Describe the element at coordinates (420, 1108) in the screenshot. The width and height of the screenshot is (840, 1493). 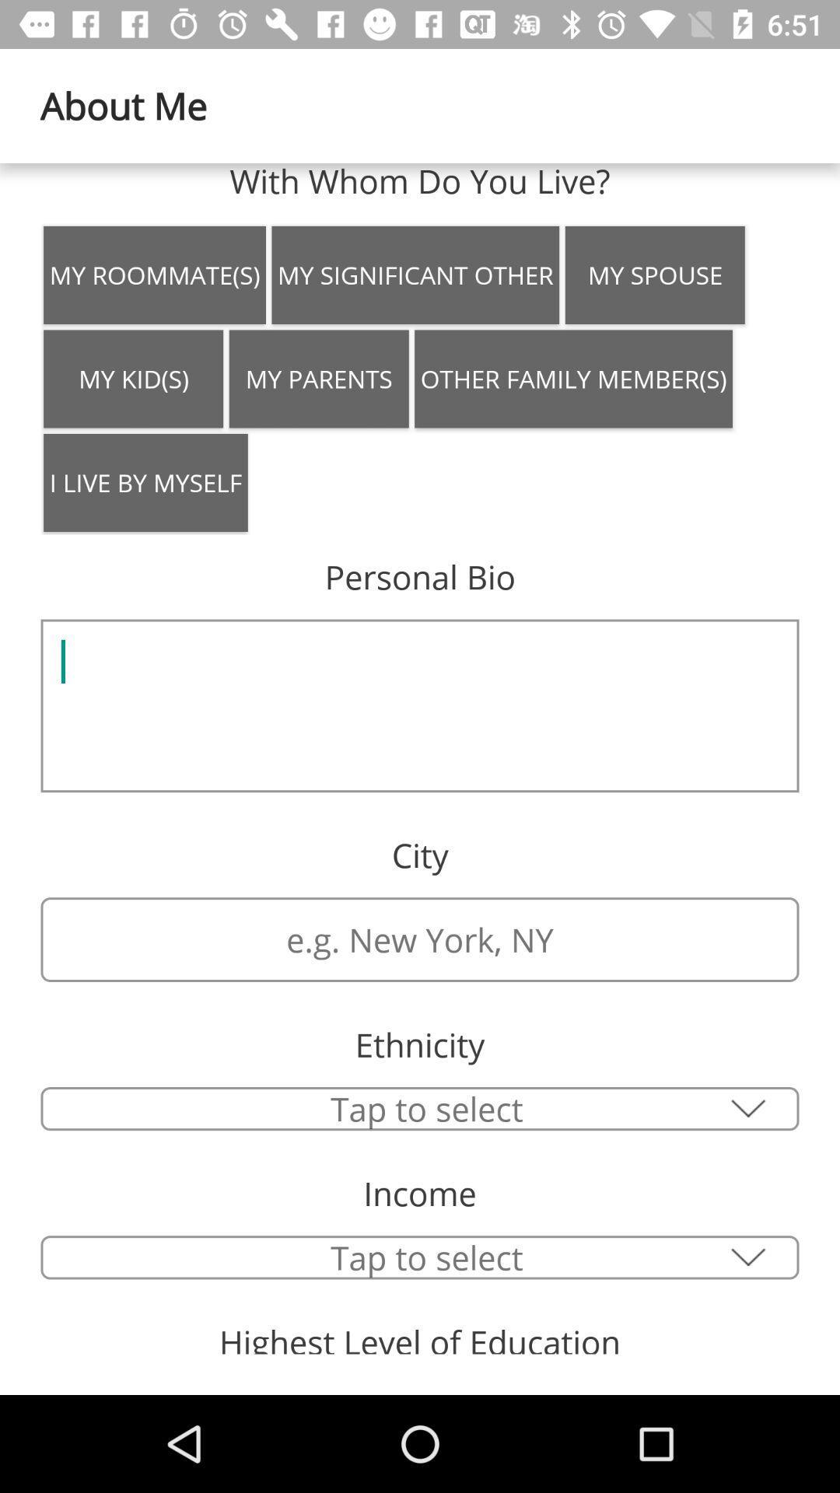
I see `city` at that location.